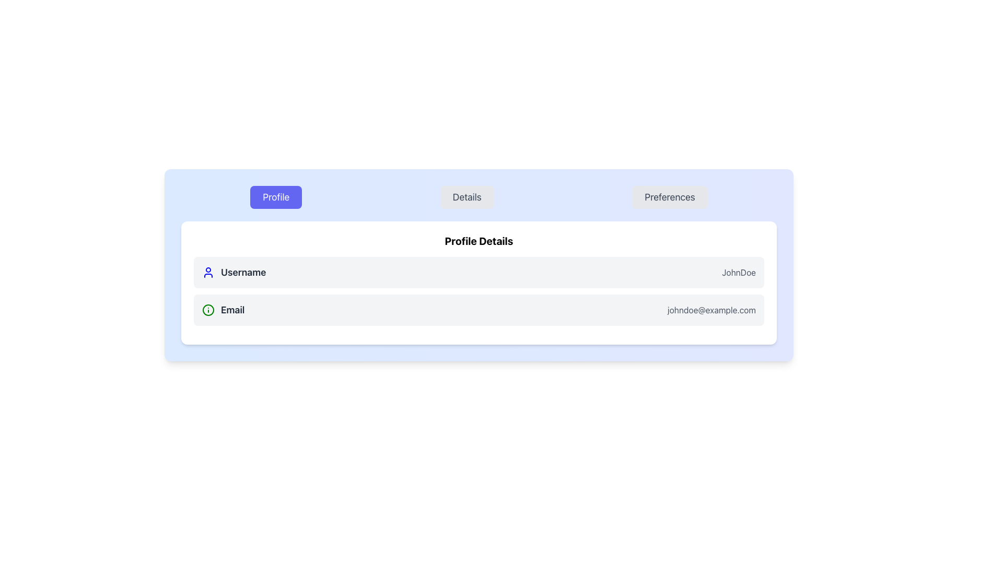 The image size is (1003, 564). What do you see at coordinates (478, 241) in the screenshot?
I see `header text located at the top of the 'Profile Details' card, which summarizes user information such as username and email` at bounding box center [478, 241].